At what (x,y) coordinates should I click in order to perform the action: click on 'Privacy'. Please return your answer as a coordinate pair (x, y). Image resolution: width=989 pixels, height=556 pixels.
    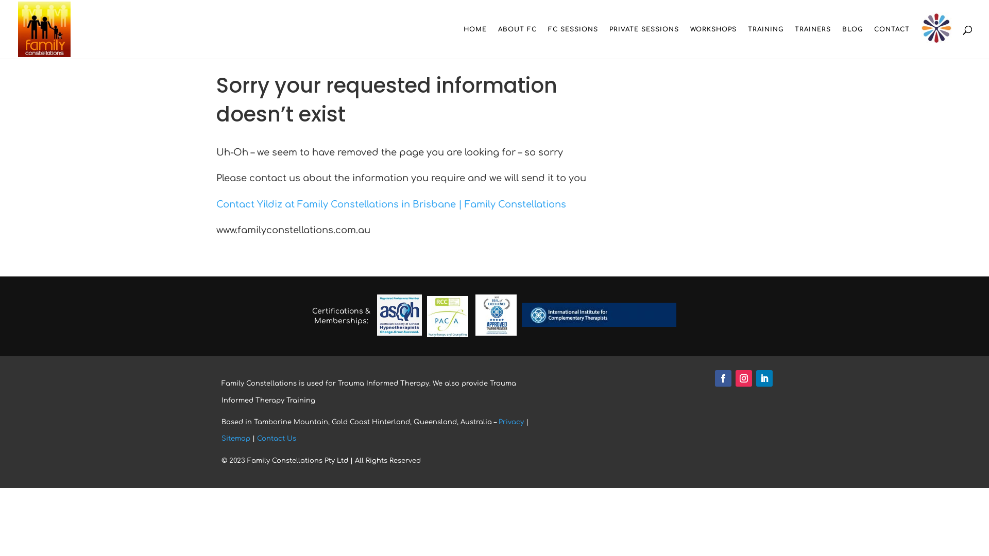
    Looking at the image, I should click on (511, 422).